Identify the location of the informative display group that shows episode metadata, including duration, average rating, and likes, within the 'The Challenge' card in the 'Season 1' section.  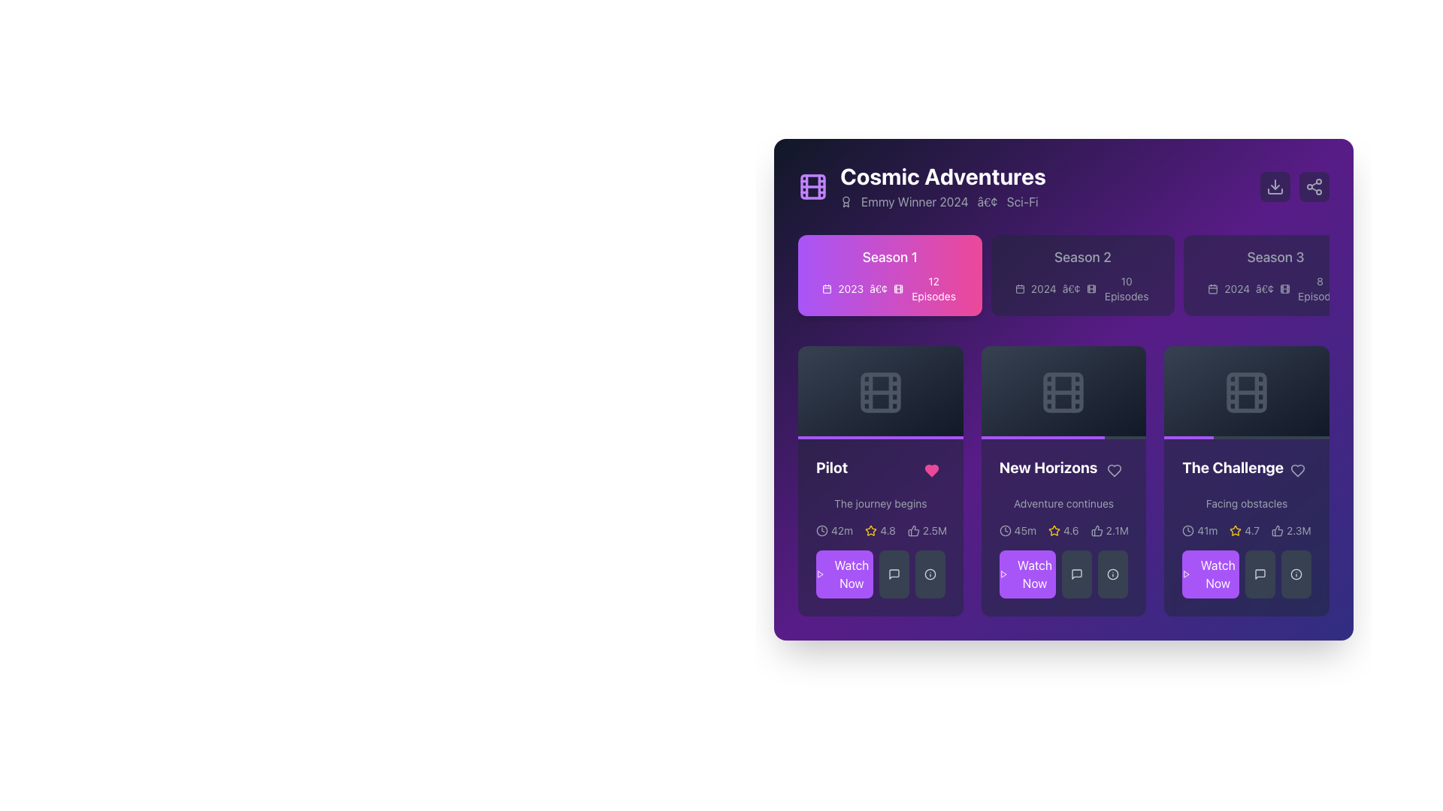
(1247, 529).